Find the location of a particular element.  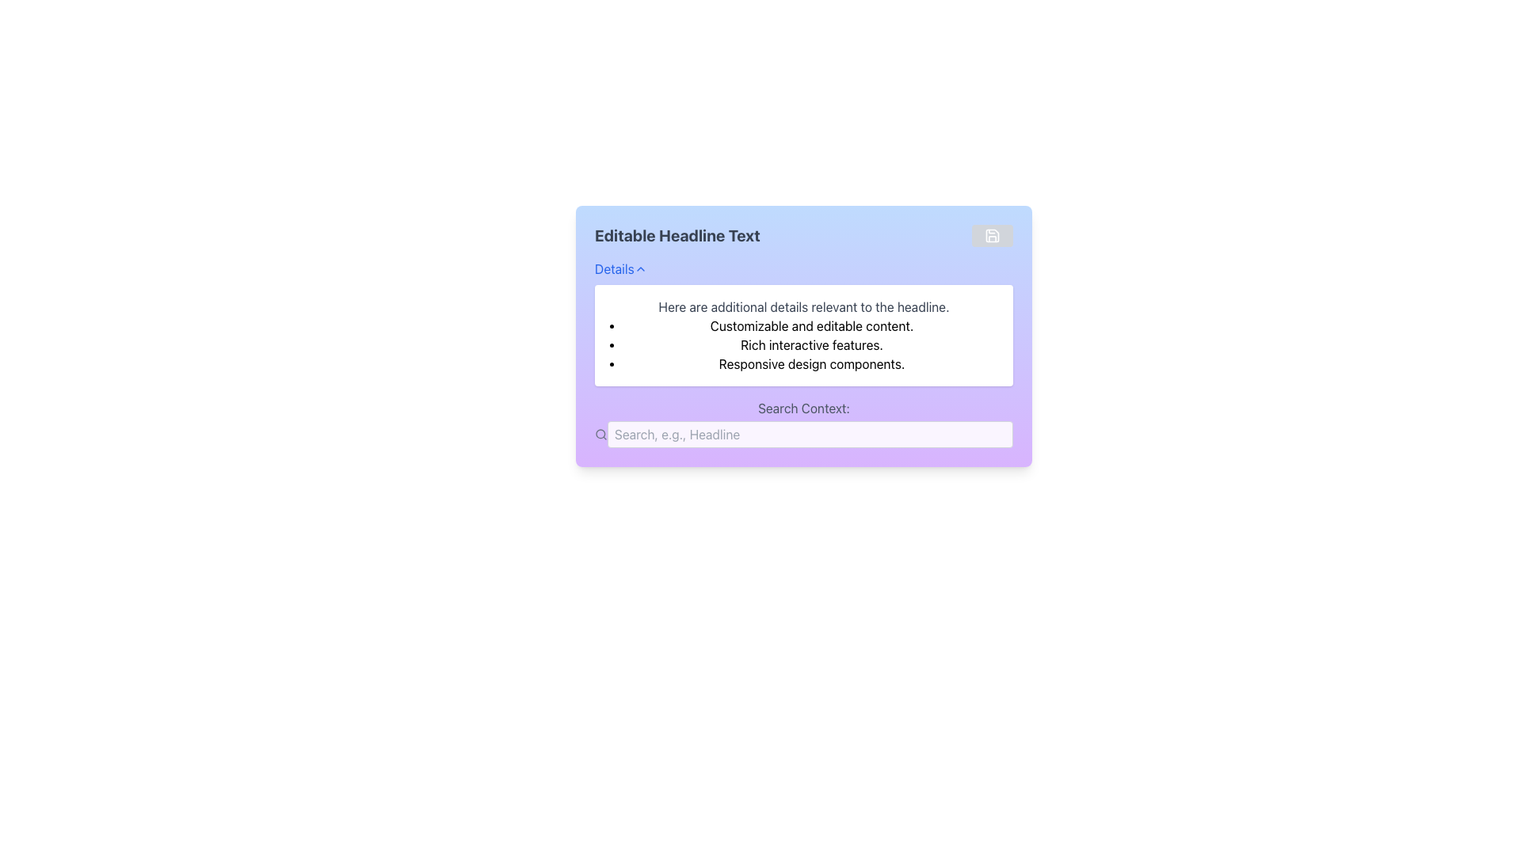

the static text element that is the third item in a bulleted list, located below 'Rich interactive features.' is located at coordinates (812, 363).